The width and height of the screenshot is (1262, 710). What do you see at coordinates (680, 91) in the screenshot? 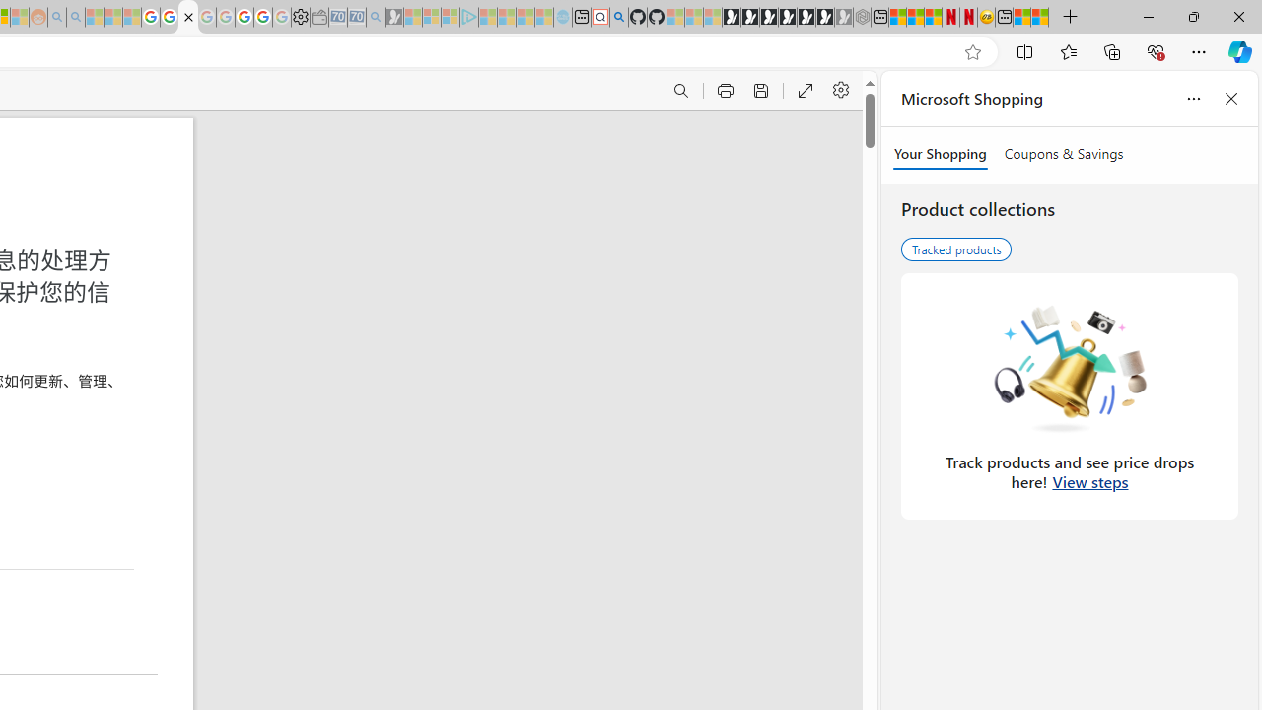
I see `'Find (Ctrl + F)'` at bounding box center [680, 91].